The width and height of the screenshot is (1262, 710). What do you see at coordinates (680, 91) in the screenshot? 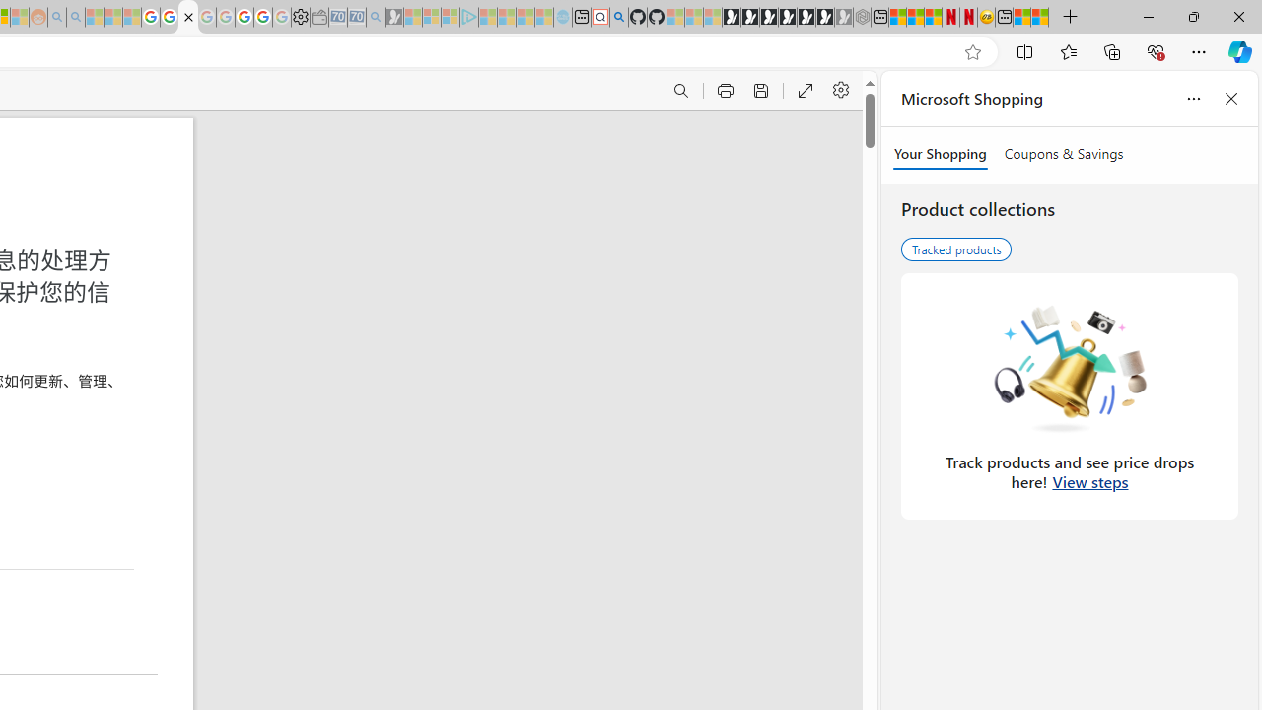
I see `'Find (Ctrl + F)'` at bounding box center [680, 91].